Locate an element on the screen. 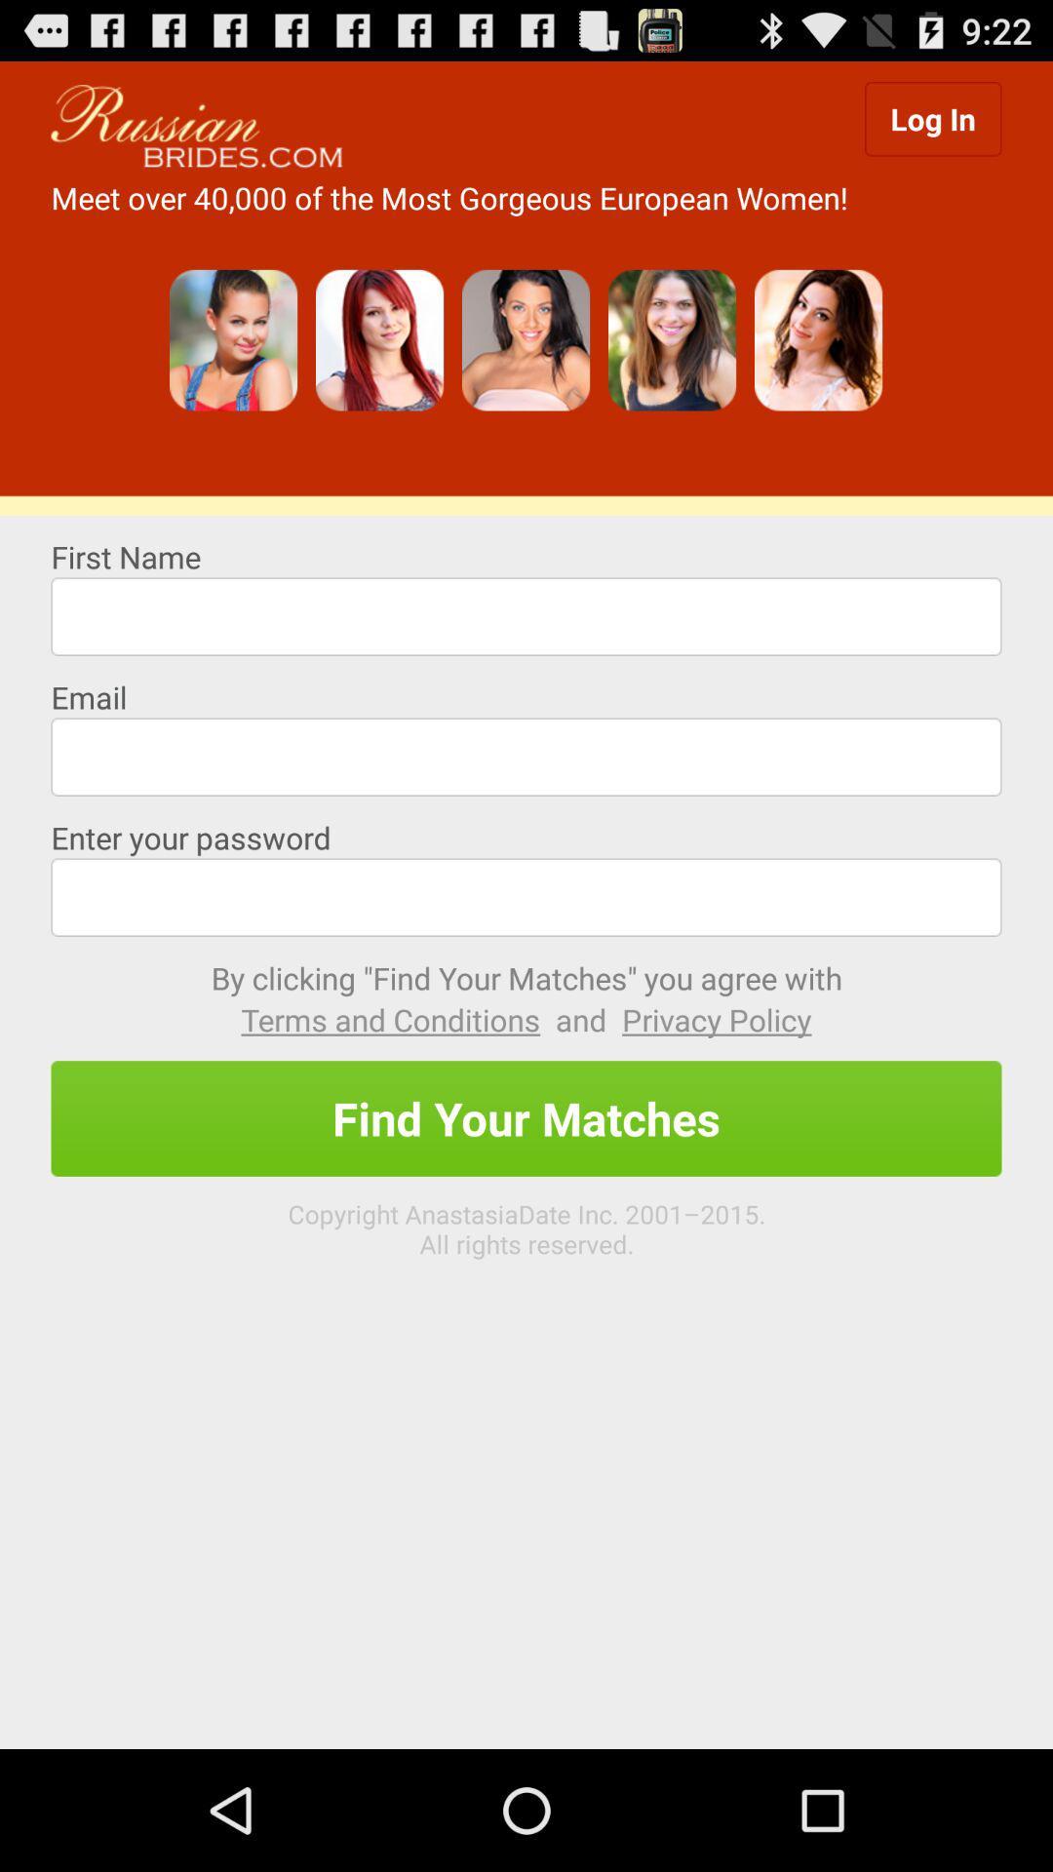 This screenshot has height=1872, width=1053. text box is located at coordinates (526, 896).